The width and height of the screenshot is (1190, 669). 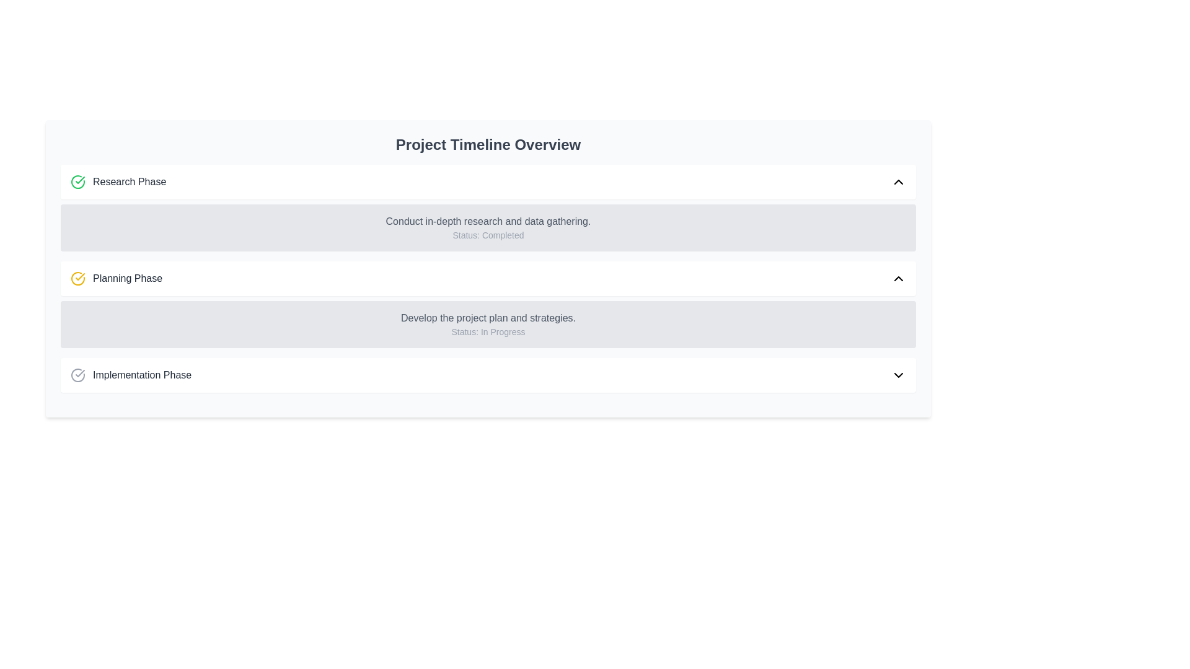 What do you see at coordinates (77, 181) in the screenshot?
I see `the status indication icon for the 'Research Phase', which is located to the left of the text 'Research Phase'` at bounding box center [77, 181].